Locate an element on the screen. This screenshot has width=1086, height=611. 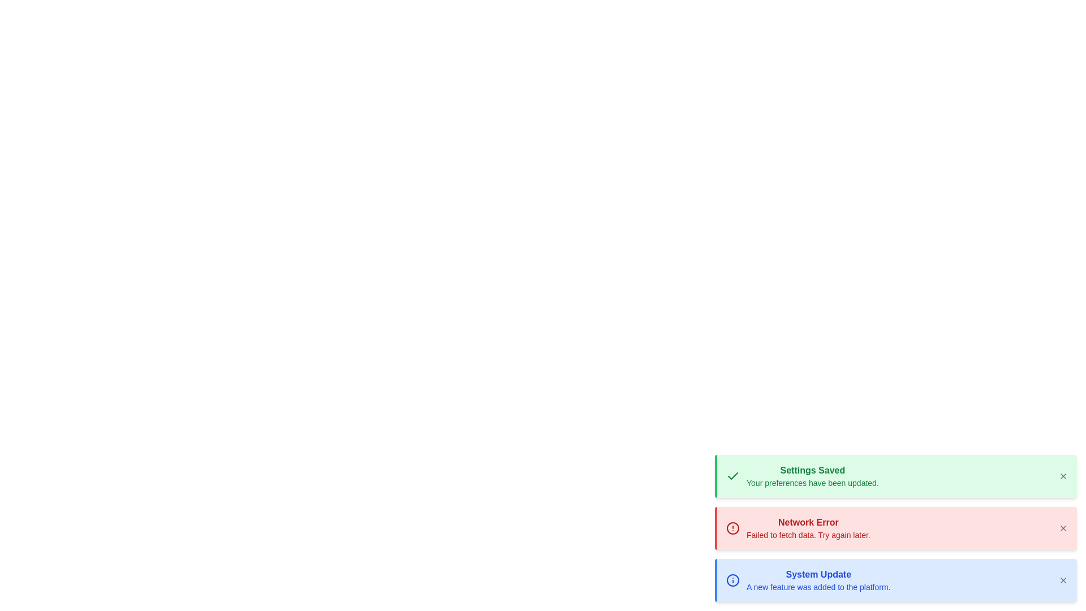
the 'Network Error' notification message, which displays a bold heading and a secondary message on a light red background, located in the lower-right area of the interface is located at coordinates (808, 528).